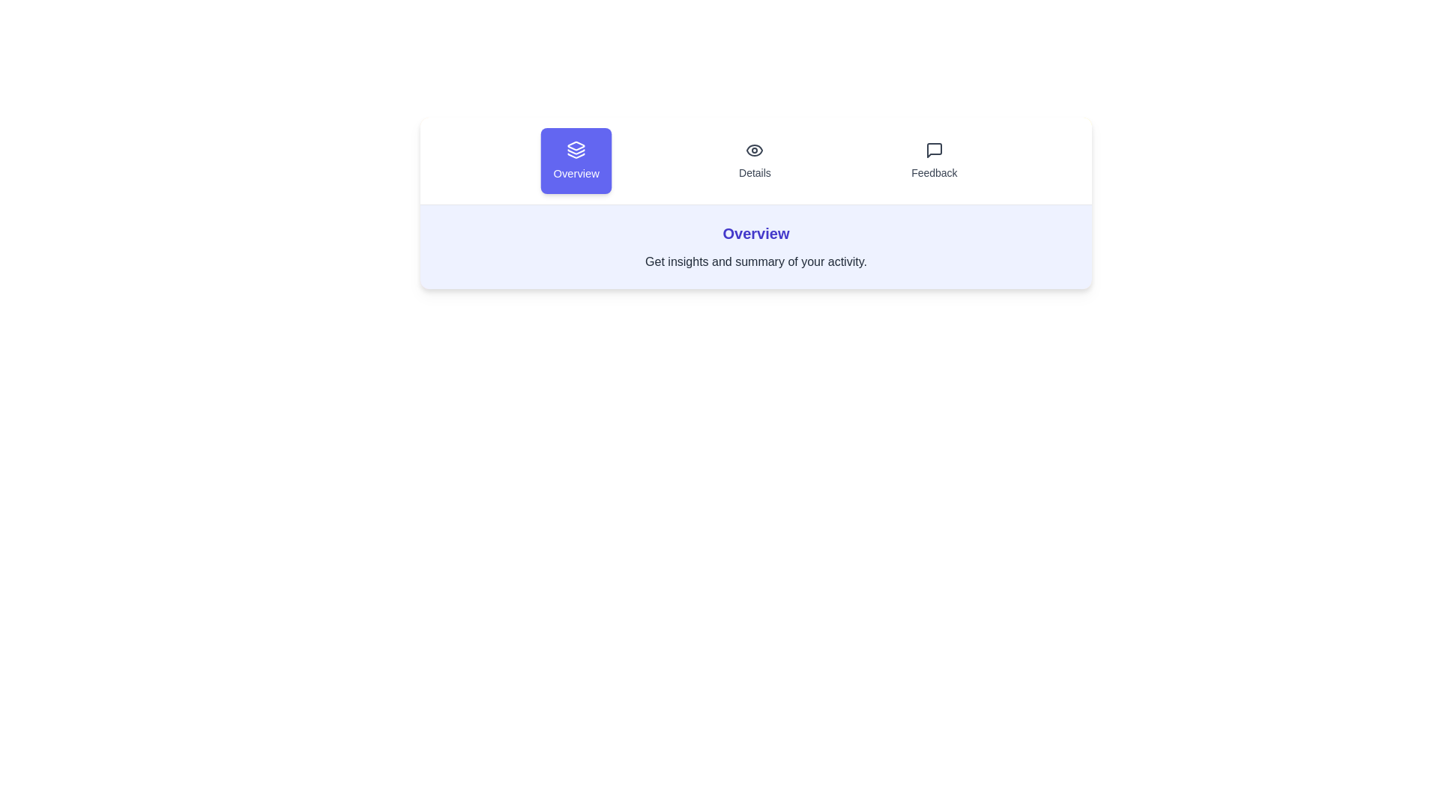 The width and height of the screenshot is (1439, 809). I want to click on the active tab to confirm its content, so click(575, 161).